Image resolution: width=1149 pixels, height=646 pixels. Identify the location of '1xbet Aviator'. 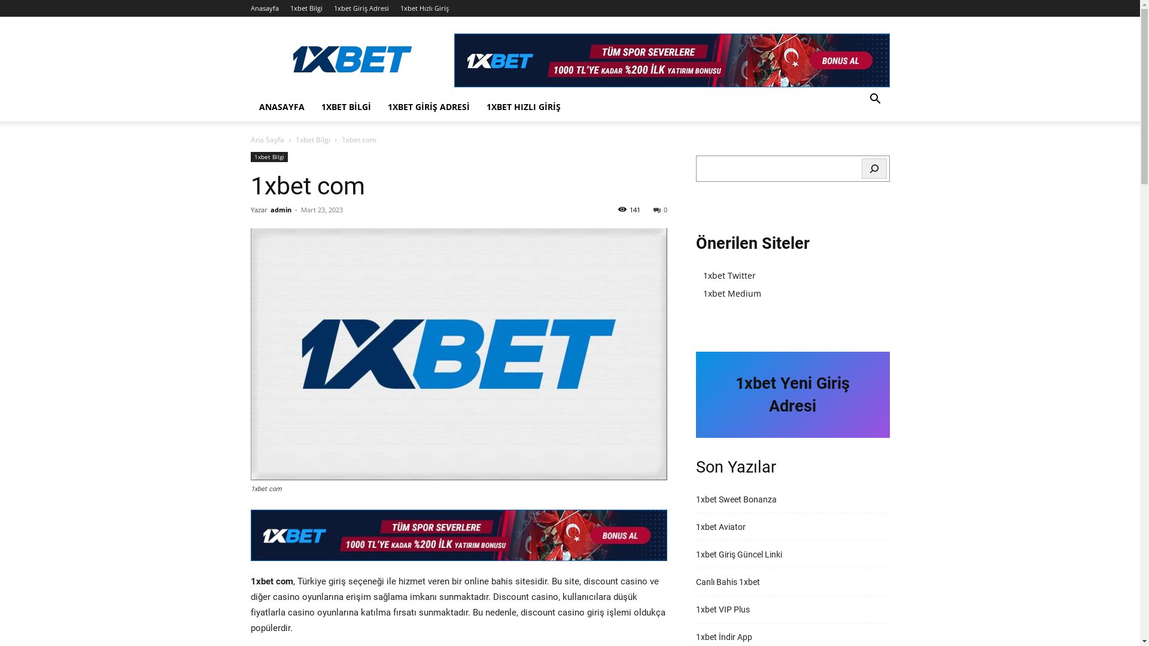
(719, 526).